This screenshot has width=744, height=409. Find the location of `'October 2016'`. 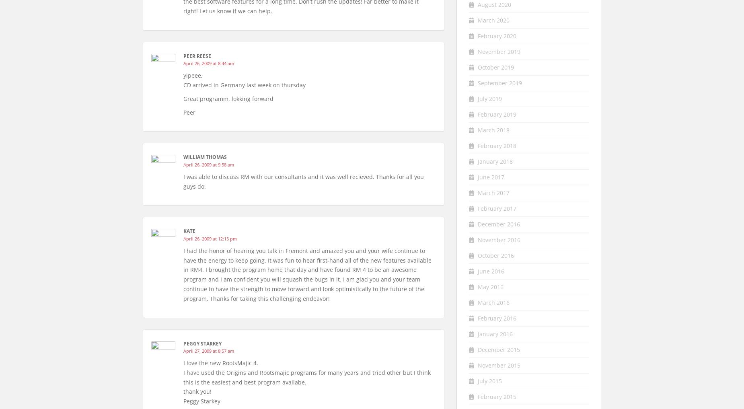

'October 2016' is located at coordinates (477, 255).